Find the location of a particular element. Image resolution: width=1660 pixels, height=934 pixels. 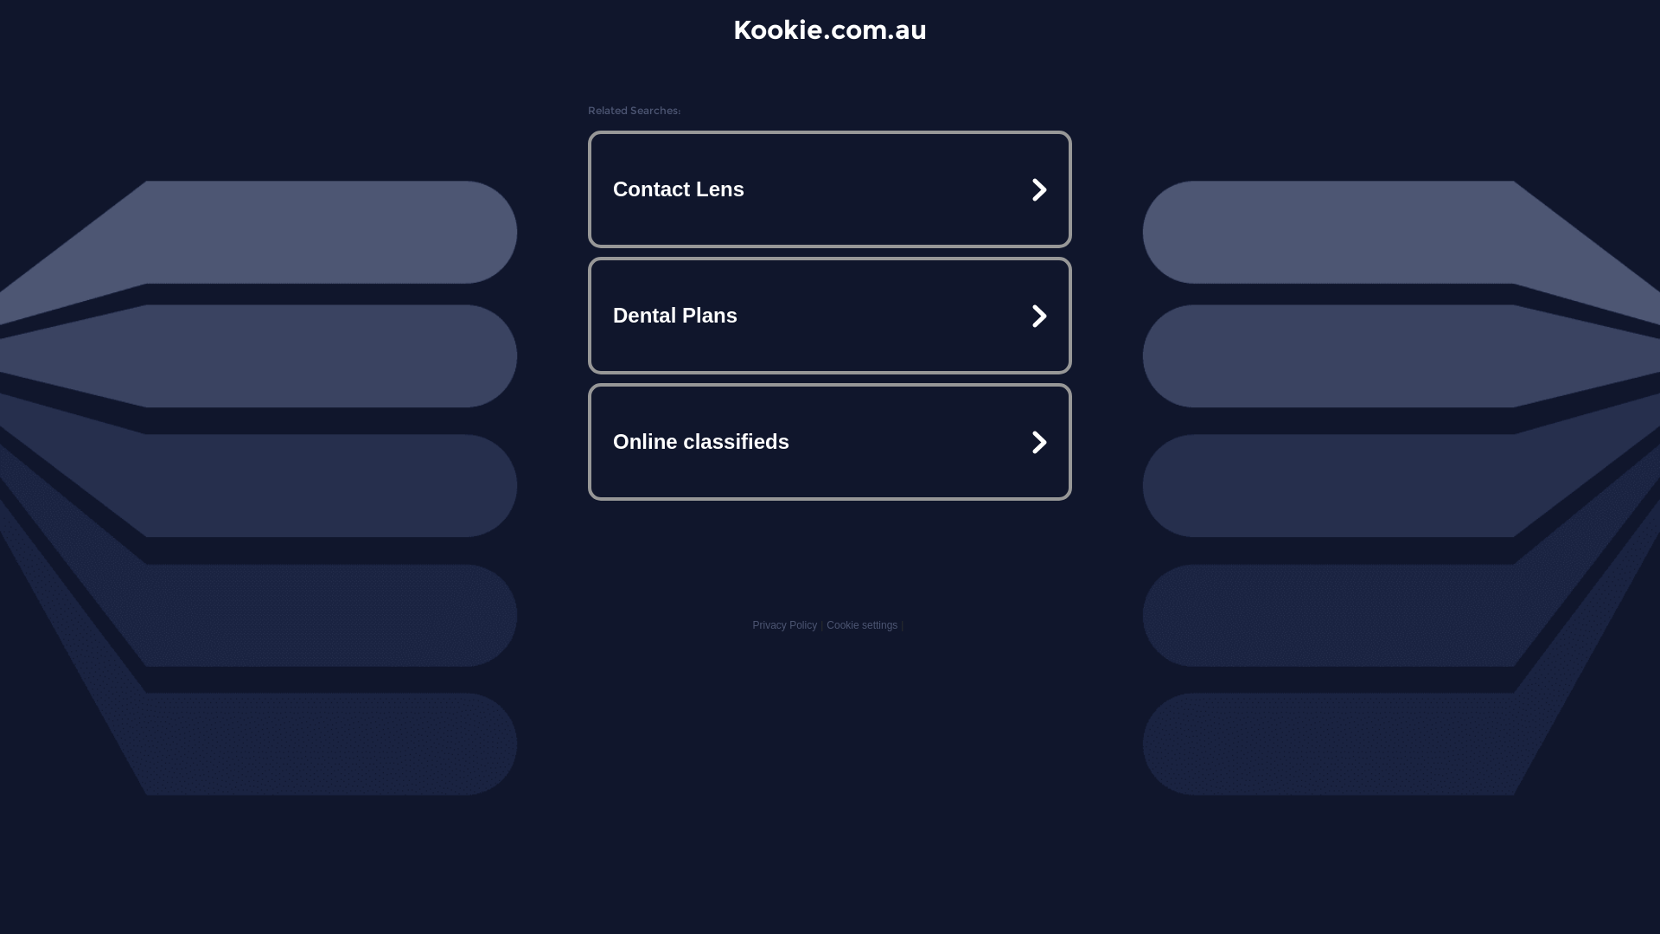

'Cookie settings' is located at coordinates (862, 624).